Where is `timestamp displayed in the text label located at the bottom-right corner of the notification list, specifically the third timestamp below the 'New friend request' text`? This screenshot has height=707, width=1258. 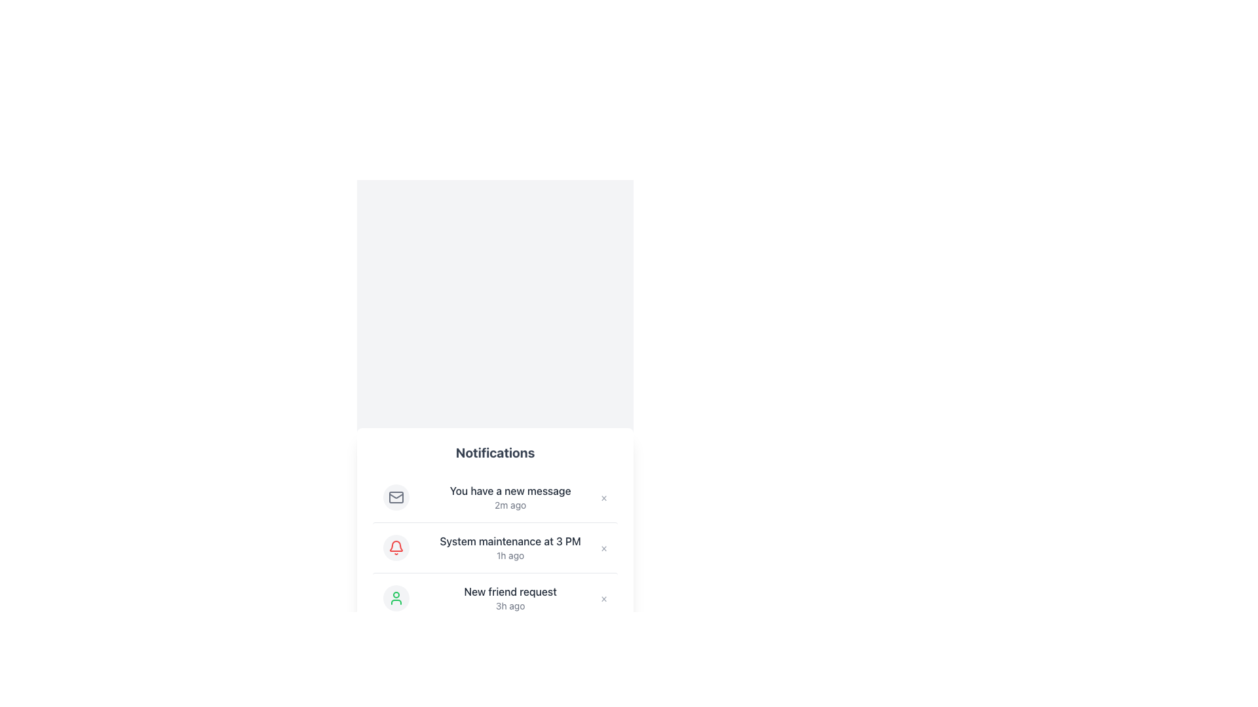
timestamp displayed in the text label located at the bottom-right corner of the notification list, specifically the third timestamp below the 'New friend request' text is located at coordinates (510, 606).